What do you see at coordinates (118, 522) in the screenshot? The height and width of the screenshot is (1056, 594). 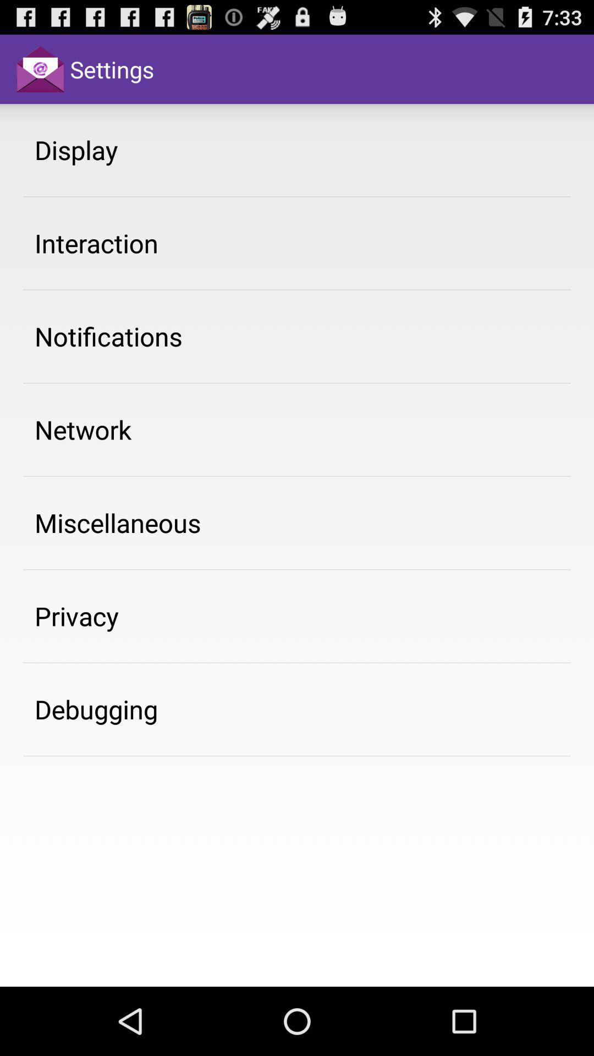 I see `miscellaneous icon` at bounding box center [118, 522].